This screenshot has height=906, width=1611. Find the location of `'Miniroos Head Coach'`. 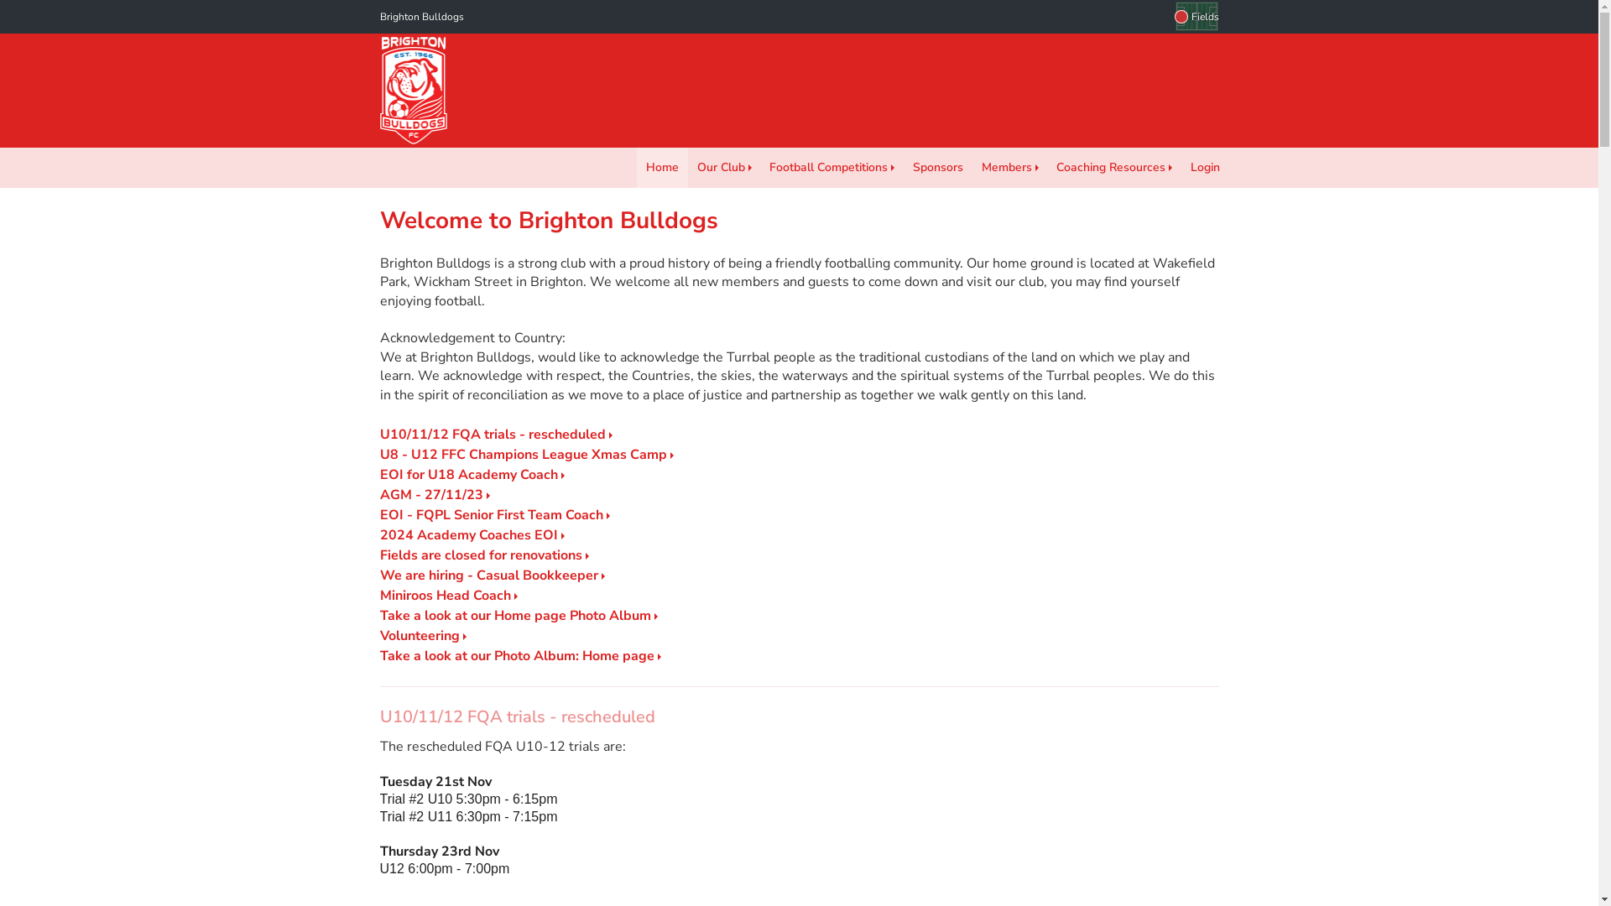

'Miniroos Head Coach' is located at coordinates (447, 594).